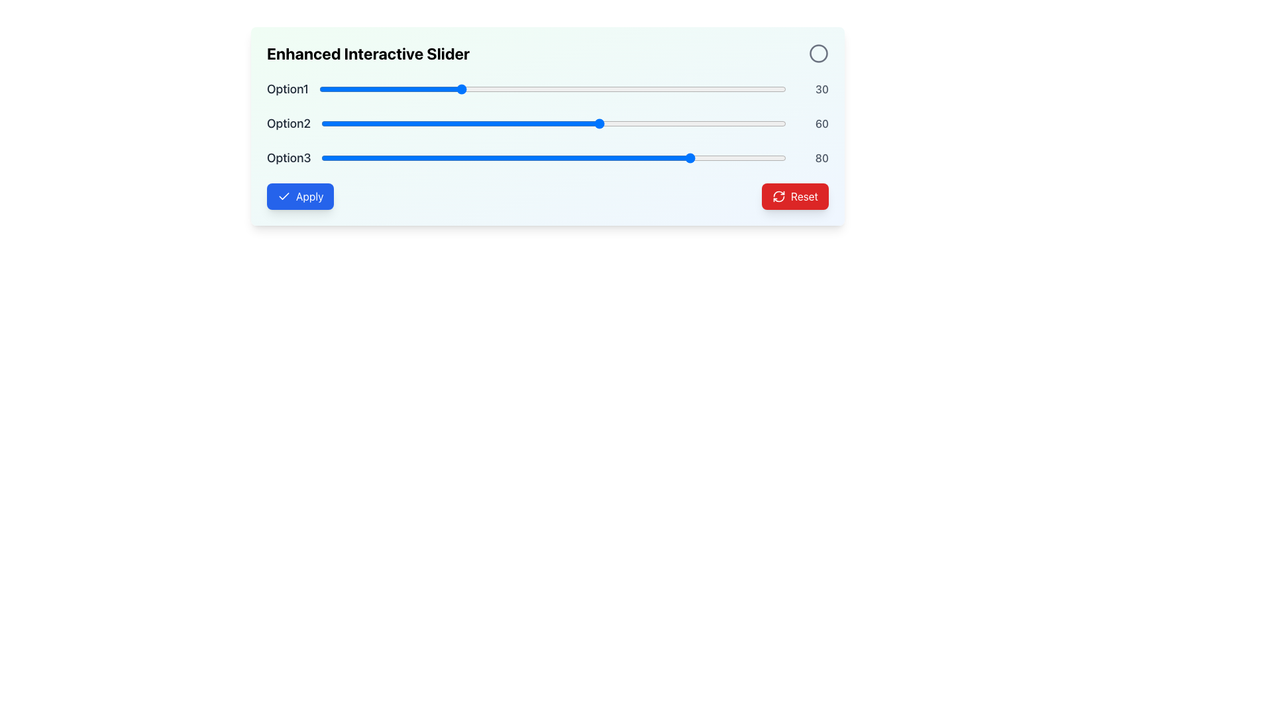 The height and width of the screenshot is (715, 1272). Describe the element at coordinates (299, 197) in the screenshot. I see `the blue 'Apply' button with white text and checkmark icon` at that location.